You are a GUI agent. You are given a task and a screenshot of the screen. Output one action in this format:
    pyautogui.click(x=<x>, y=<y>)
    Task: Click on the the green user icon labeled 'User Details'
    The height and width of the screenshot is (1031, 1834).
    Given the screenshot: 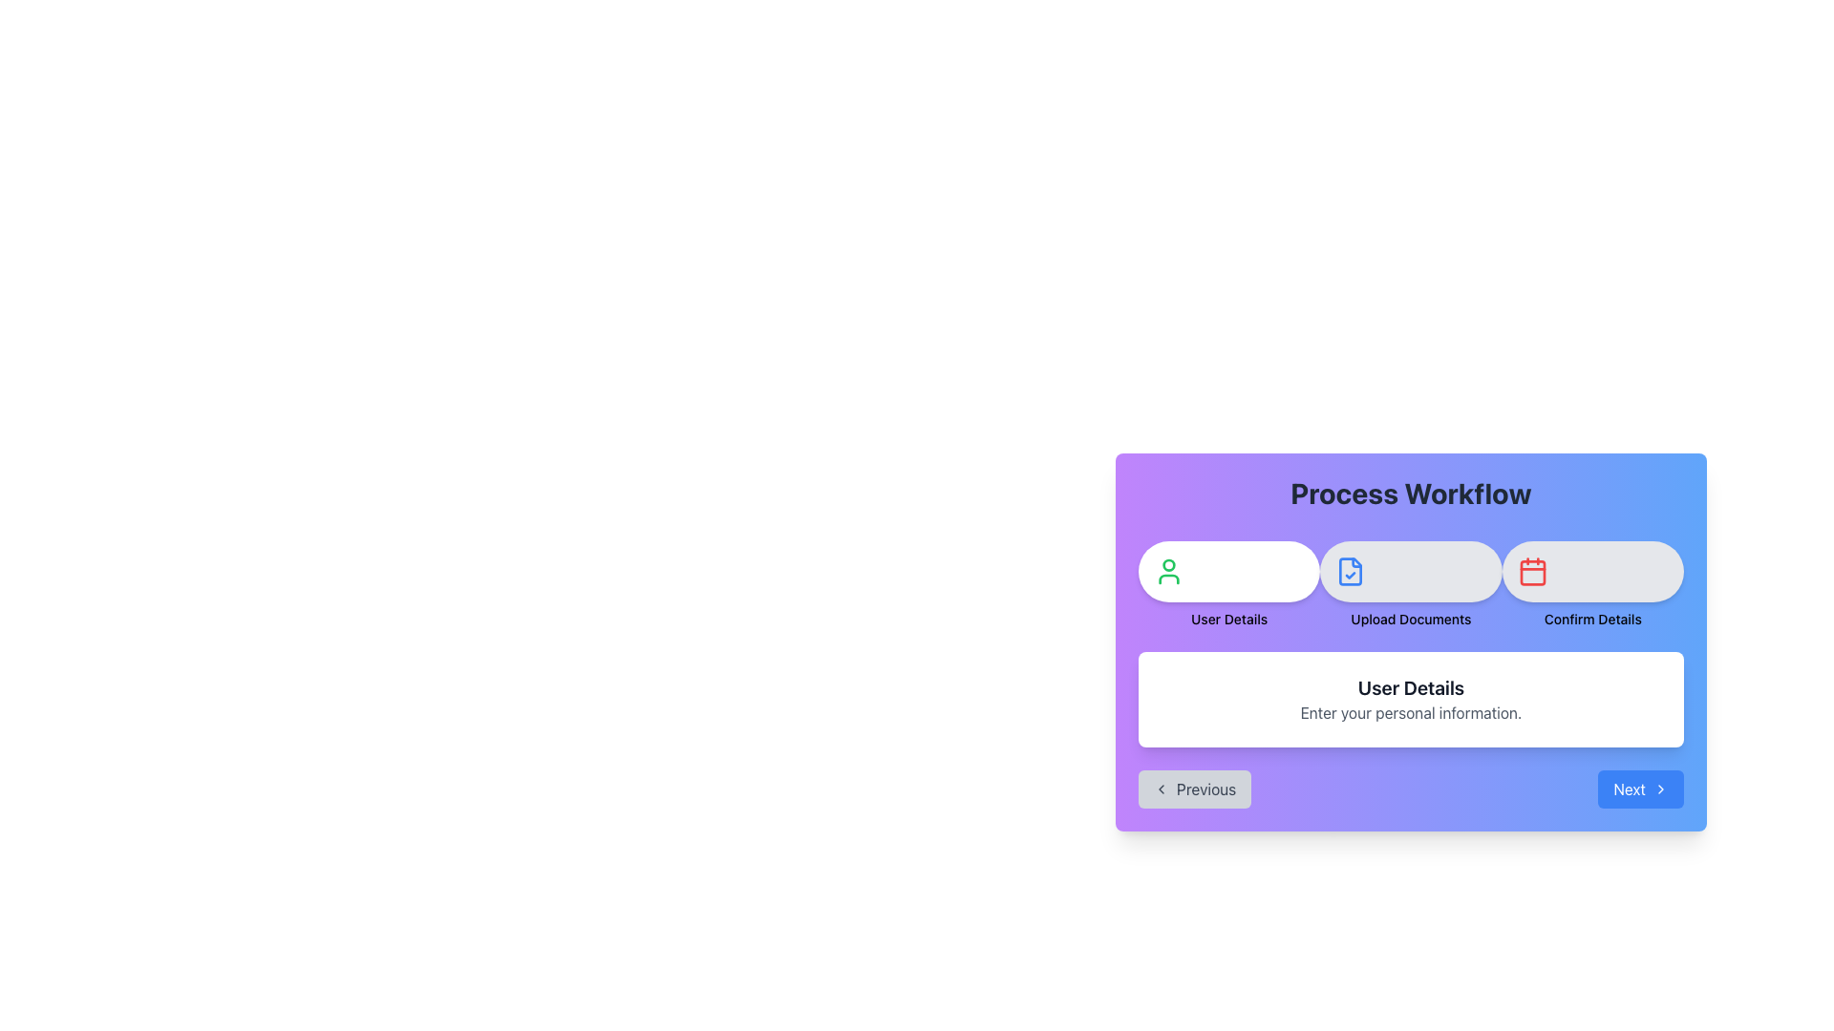 What is the action you would take?
    pyautogui.click(x=1168, y=570)
    